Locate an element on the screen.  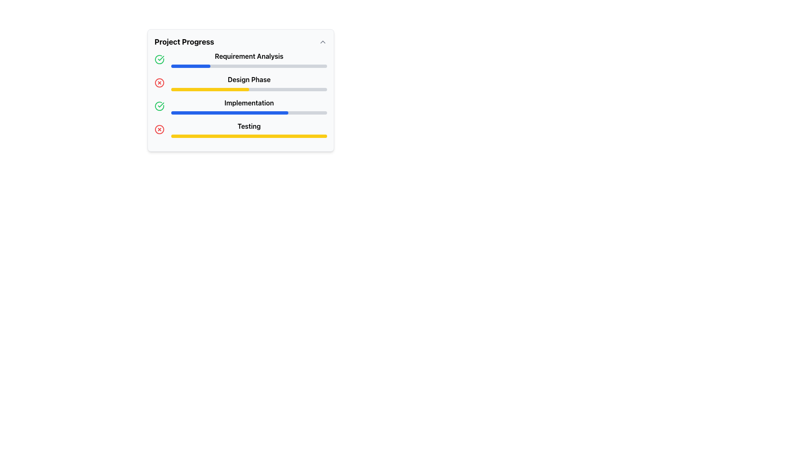
the 'Design Phase' text label in the progress tracker interface, which is located between the 'Requirement Analysis' and 'Implementation' labels and is aligned with the progress bars is located at coordinates (249, 80).